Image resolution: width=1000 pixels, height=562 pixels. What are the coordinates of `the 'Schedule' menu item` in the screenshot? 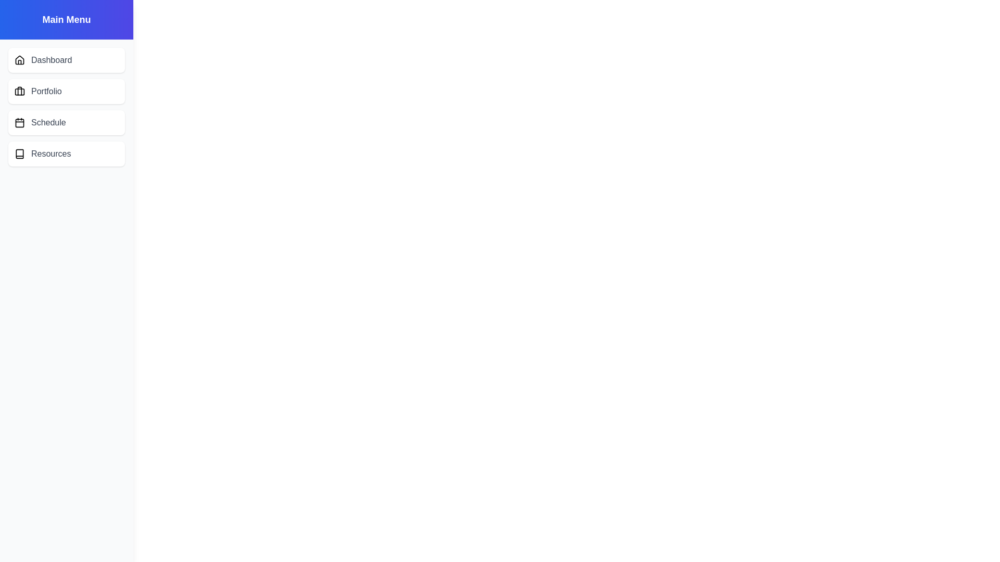 It's located at (66, 122).